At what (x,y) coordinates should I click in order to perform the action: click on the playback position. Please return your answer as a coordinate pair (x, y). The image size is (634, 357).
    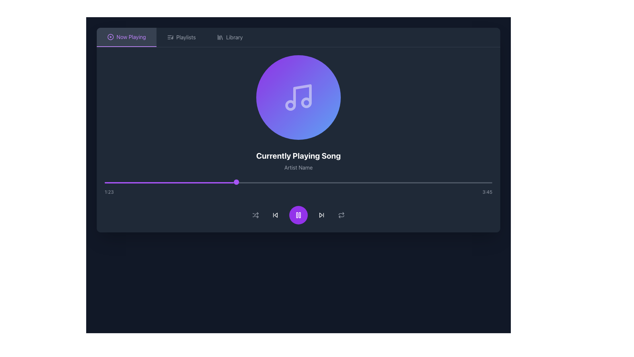
    Looking at the image, I should click on (466, 182).